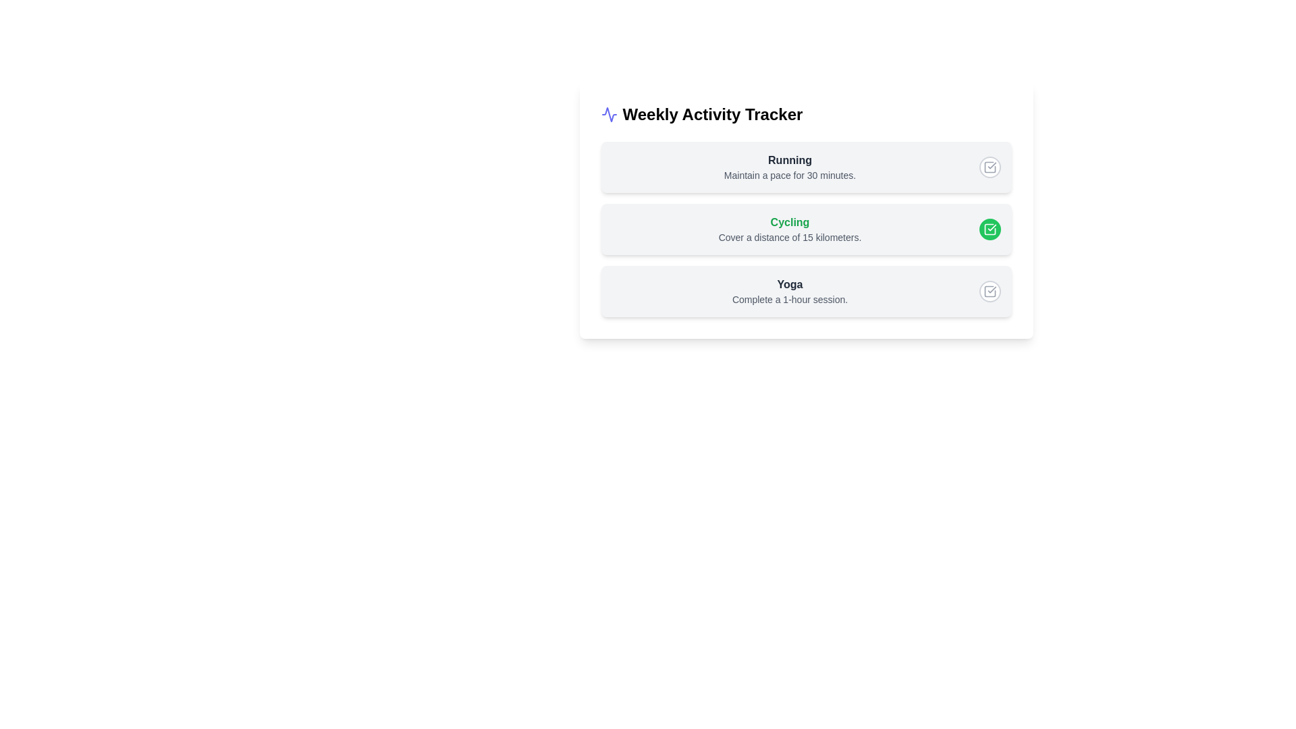  I want to click on the check icon on the Yoga task card within the Weekly Activity Tracker to mark the task as complete, so click(806, 291).